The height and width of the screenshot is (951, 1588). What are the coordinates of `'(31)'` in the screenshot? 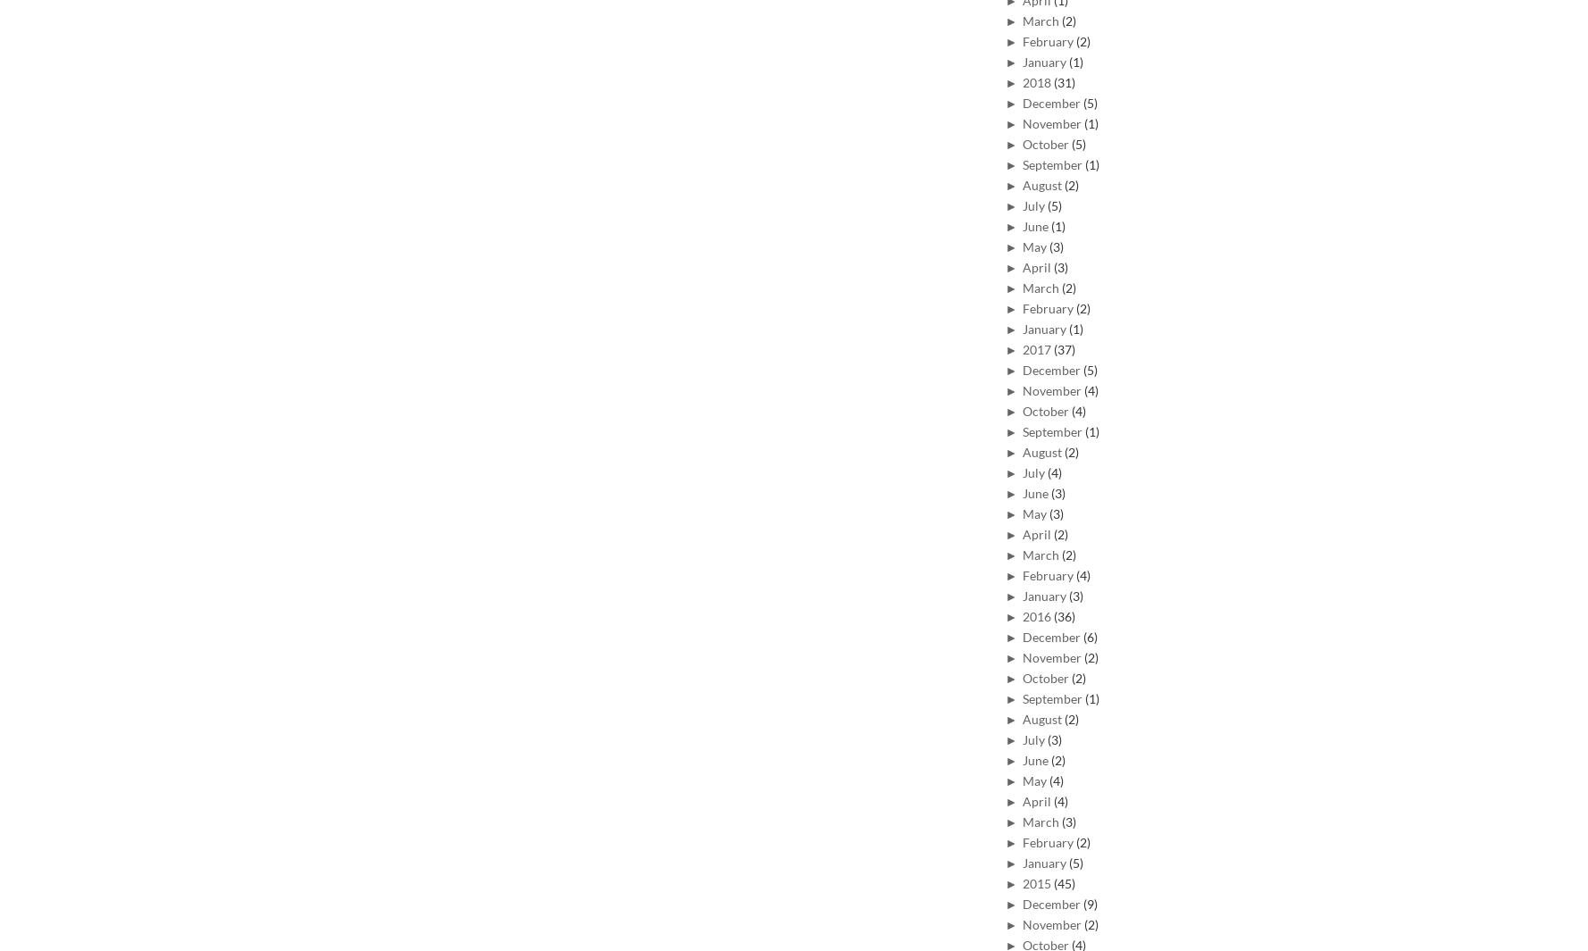 It's located at (1054, 80).